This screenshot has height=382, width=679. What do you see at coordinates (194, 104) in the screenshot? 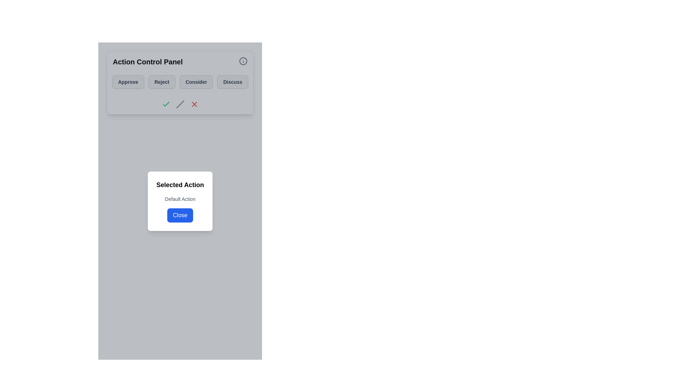
I see `the cancel icon located to the right of the 'Approve' and 'Reject' buttons in the action control panel` at bounding box center [194, 104].